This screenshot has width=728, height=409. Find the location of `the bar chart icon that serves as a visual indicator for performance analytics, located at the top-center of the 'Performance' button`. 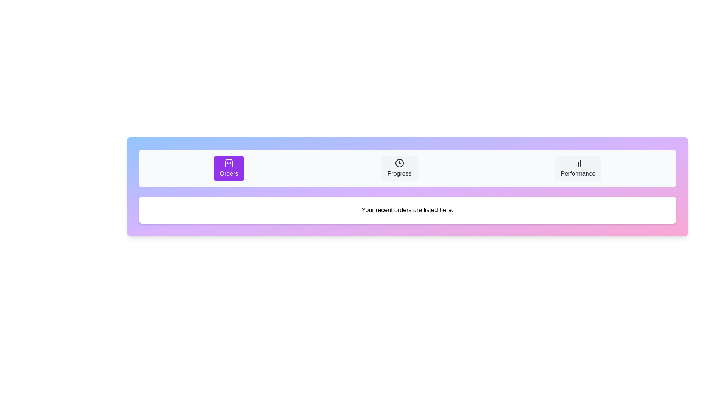

the bar chart icon that serves as a visual indicator for performance analytics, located at the top-center of the 'Performance' button is located at coordinates (577, 163).